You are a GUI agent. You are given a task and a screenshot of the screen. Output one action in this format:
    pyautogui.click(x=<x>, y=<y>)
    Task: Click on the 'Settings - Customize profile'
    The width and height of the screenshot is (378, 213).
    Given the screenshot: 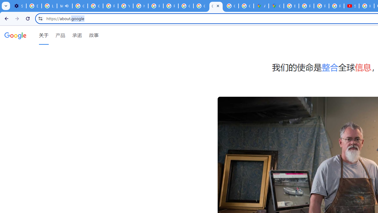 What is the action you would take?
    pyautogui.click(x=19, y=6)
    